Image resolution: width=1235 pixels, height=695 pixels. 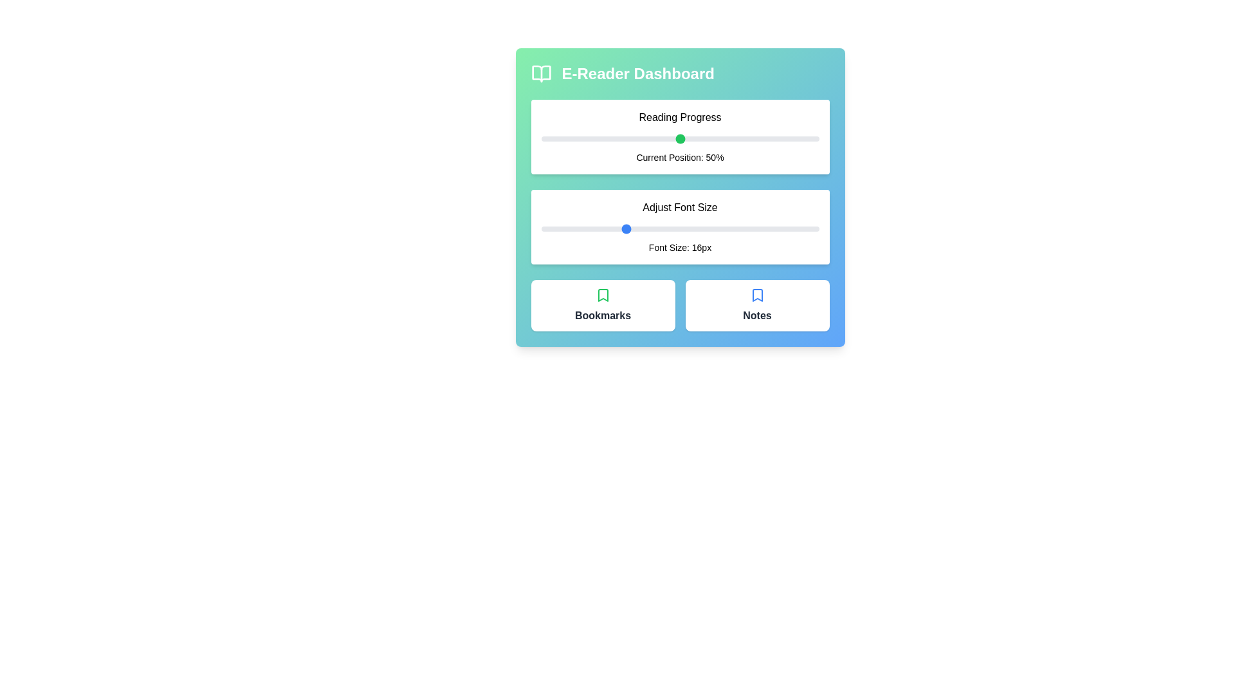 I want to click on the font size slider to 18 px, so click(x=652, y=228).